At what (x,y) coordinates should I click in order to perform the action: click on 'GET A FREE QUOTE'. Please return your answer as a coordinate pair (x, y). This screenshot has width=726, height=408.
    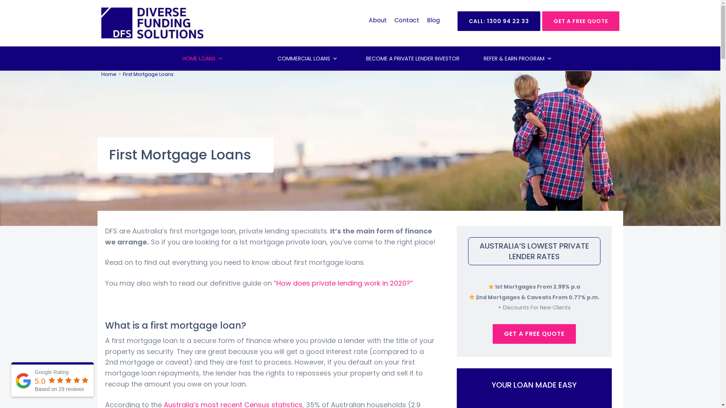
    Looking at the image, I should click on (580, 21).